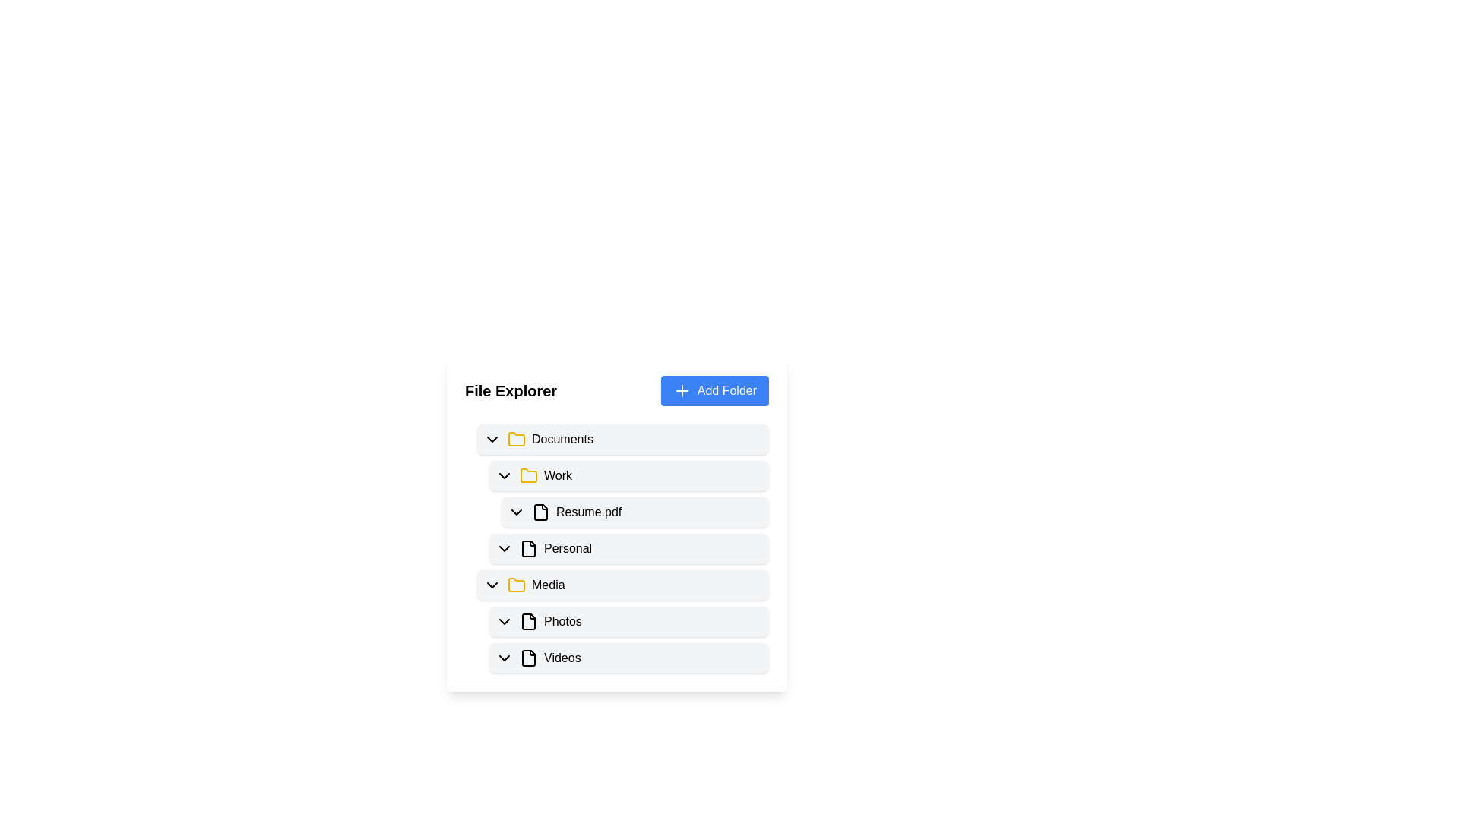 This screenshot has height=820, width=1459. I want to click on the 'Media' folder icon in the 'File Explorer' view, so click(517, 584).